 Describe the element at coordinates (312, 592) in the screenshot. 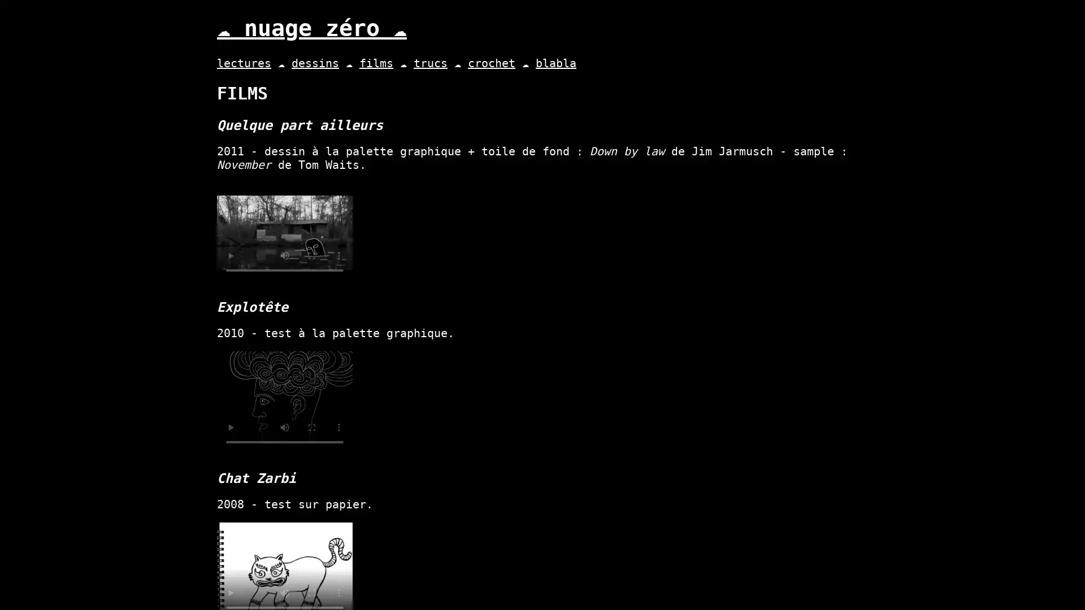

I see `enter full screen` at that location.